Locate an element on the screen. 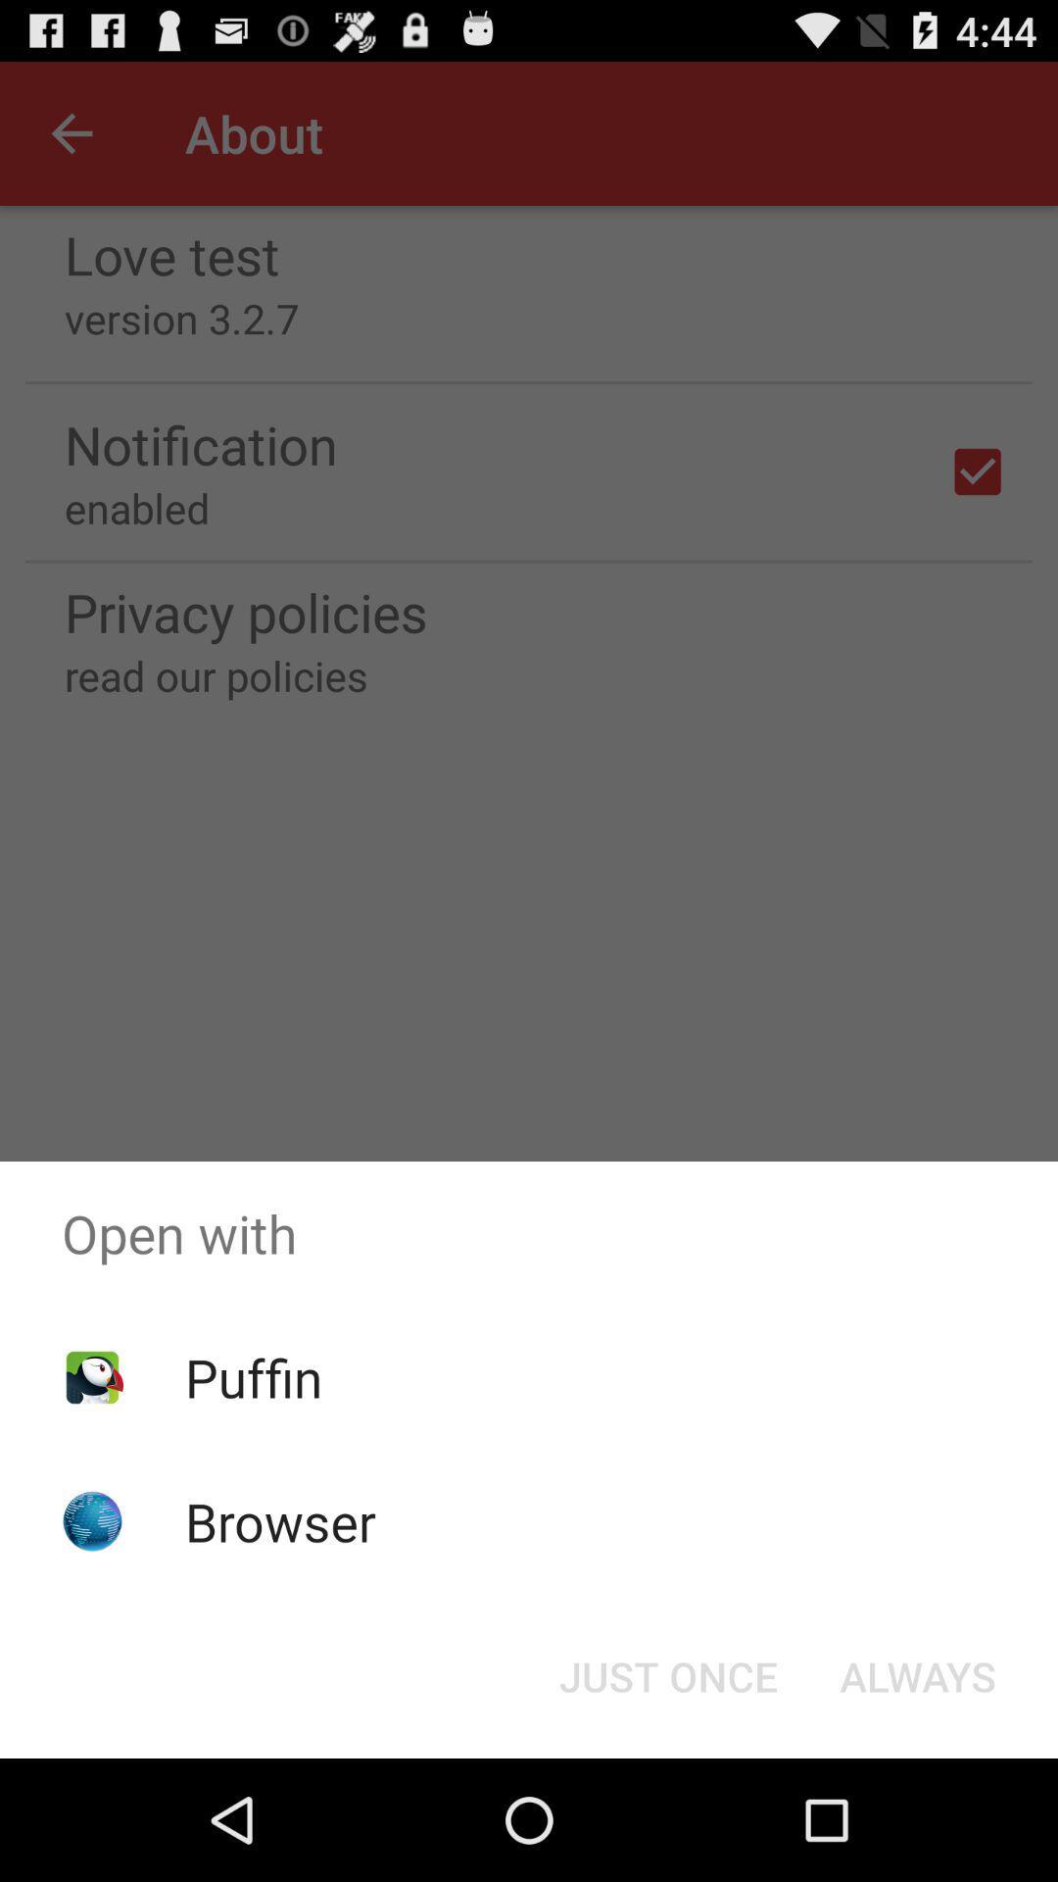 The height and width of the screenshot is (1882, 1058). icon below open with item is located at coordinates (253, 1376).